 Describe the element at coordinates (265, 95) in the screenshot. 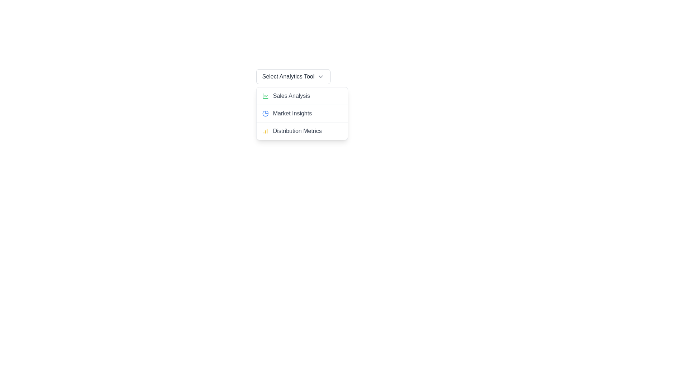

I see `the visual representation of the decorative icon component within the 'Distribution Metrics' icon located in the third item of the 'Select Analytics Tool' dropdown menu` at that location.